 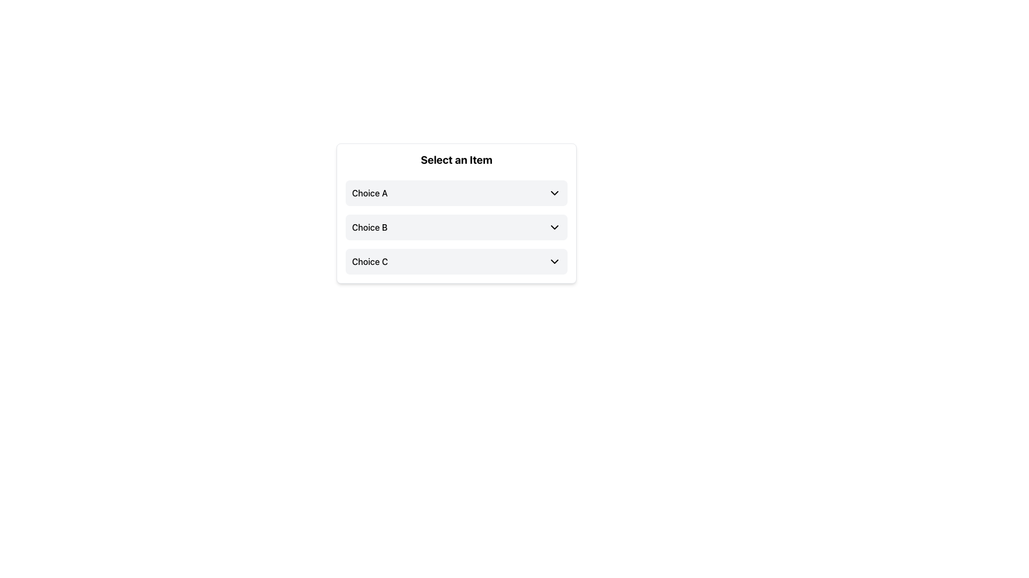 I want to click on the 'Choice A' text label, which is the first option in the dropdown menu displaying three options, so click(x=370, y=193).